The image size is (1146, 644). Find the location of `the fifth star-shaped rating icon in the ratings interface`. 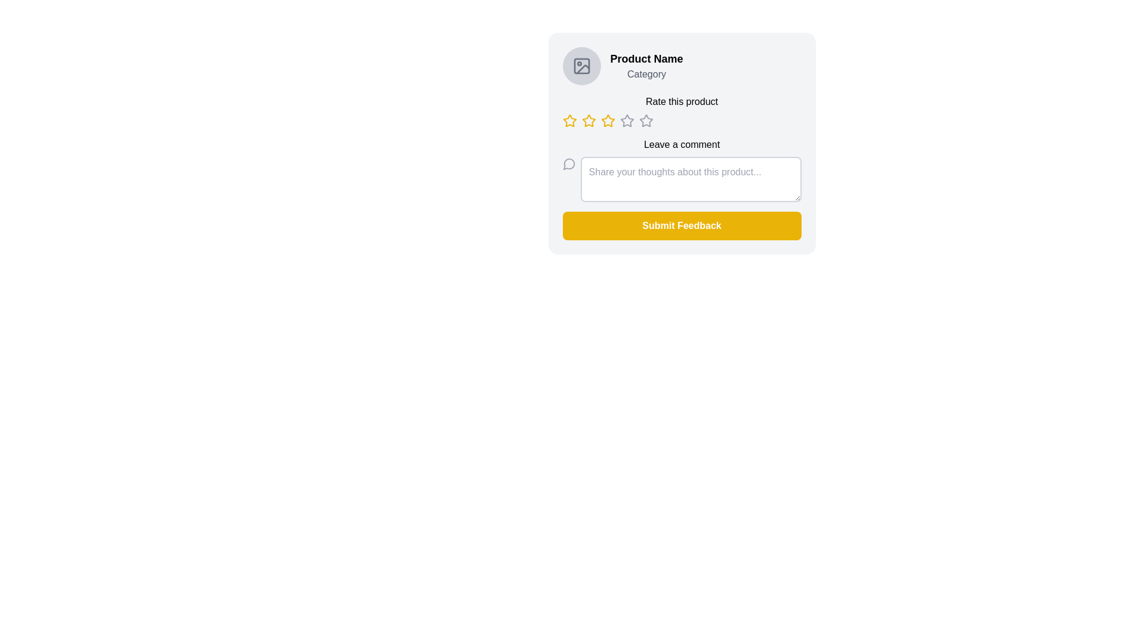

the fifth star-shaped rating icon in the ratings interface is located at coordinates (645, 121).